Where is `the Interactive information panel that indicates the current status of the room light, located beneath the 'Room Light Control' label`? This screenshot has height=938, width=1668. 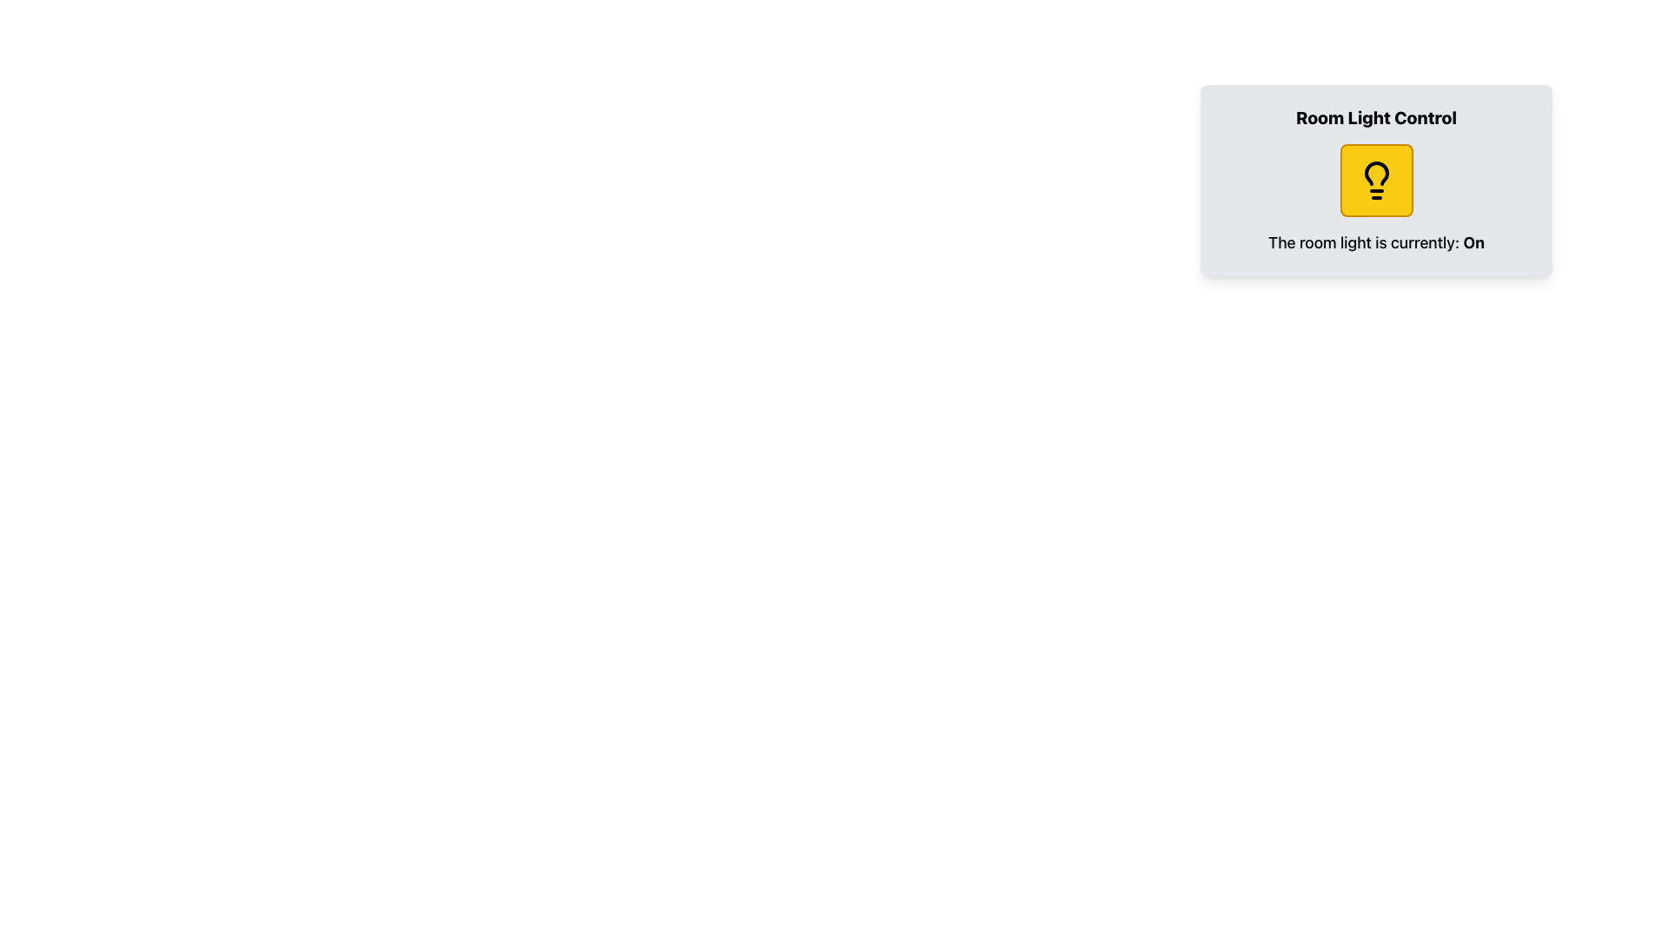
the Interactive information panel that indicates the current status of the room light, located beneath the 'Room Light Control' label is located at coordinates (1375, 199).